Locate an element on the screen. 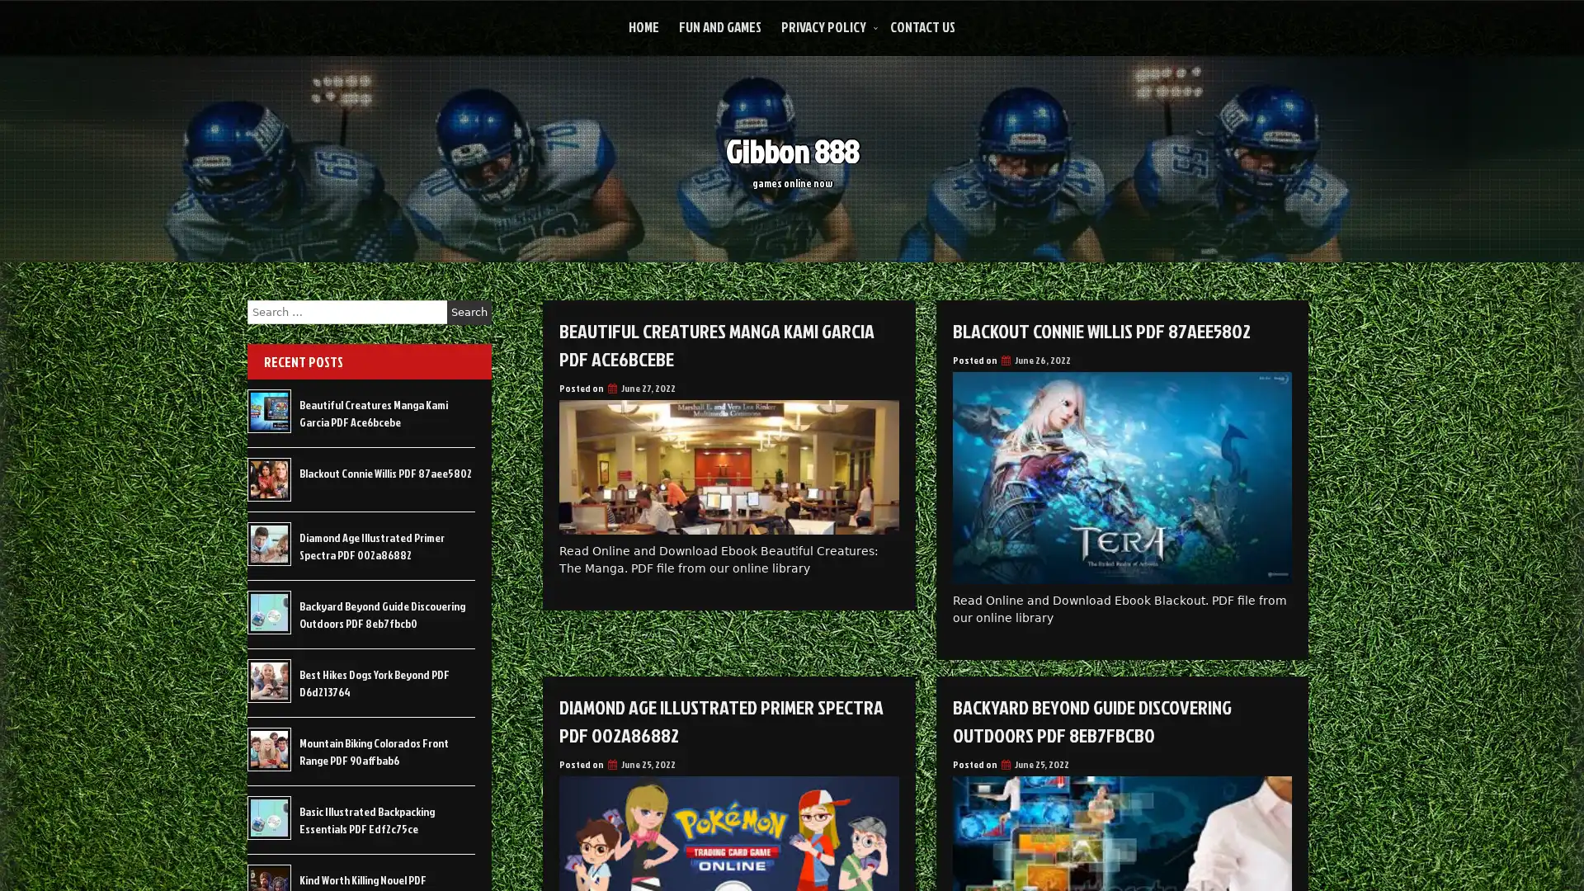  Search is located at coordinates (469, 312).